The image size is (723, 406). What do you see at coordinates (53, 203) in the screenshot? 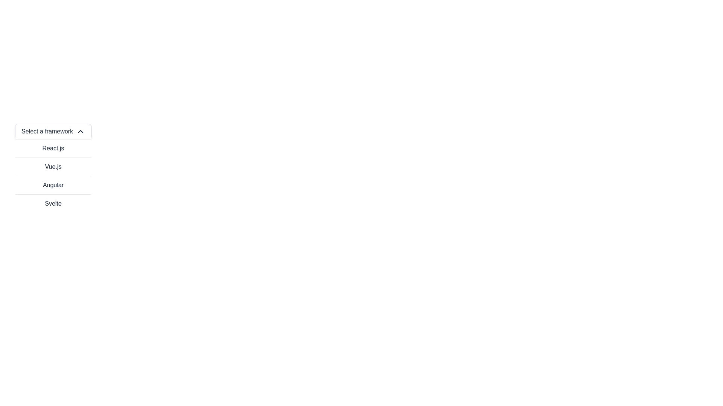
I see `the text-based clickable list item displaying 'Svelte'` at bounding box center [53, 203].